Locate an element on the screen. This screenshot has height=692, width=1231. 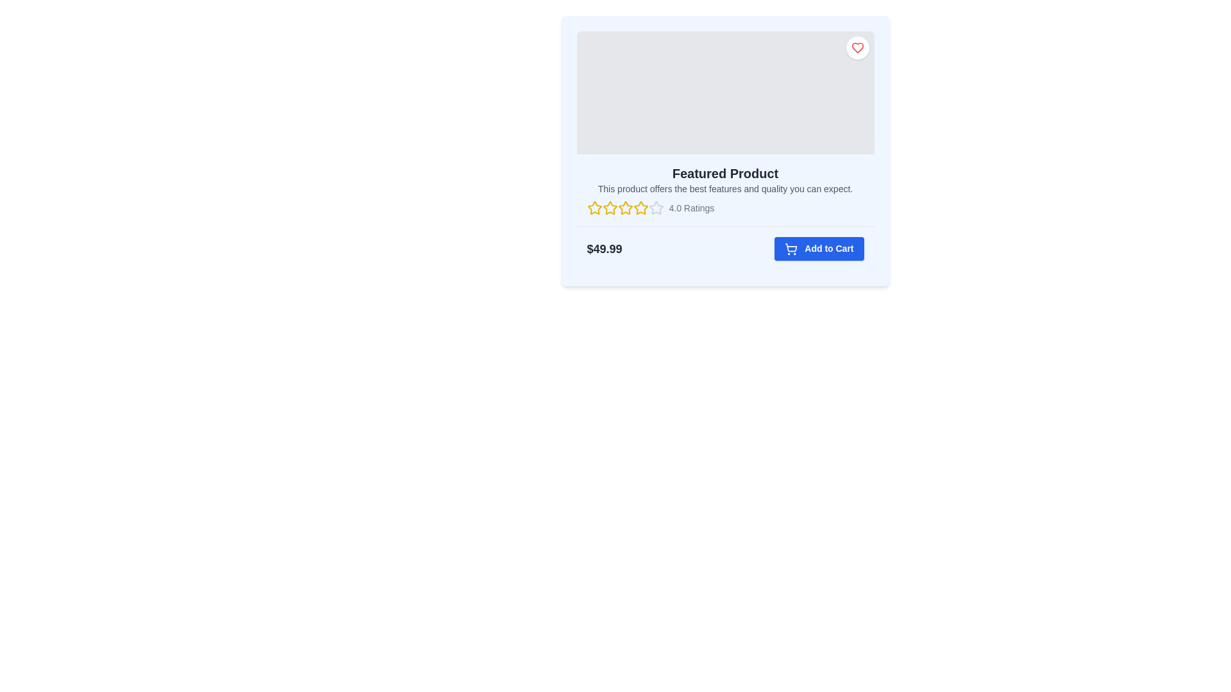
the like icon button located in the top-right corner of the card component is located at coordinates (857, 47).